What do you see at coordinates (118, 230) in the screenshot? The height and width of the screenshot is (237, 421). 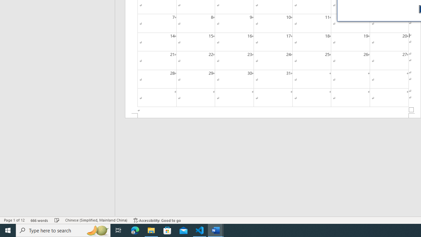 I see `'Task View'` at bounding box center [118, 230].